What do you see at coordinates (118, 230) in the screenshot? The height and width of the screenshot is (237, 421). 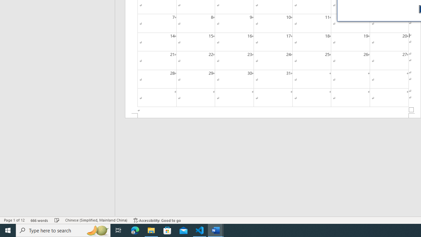 I see `'Task View'` at bounding box center [118, 230].